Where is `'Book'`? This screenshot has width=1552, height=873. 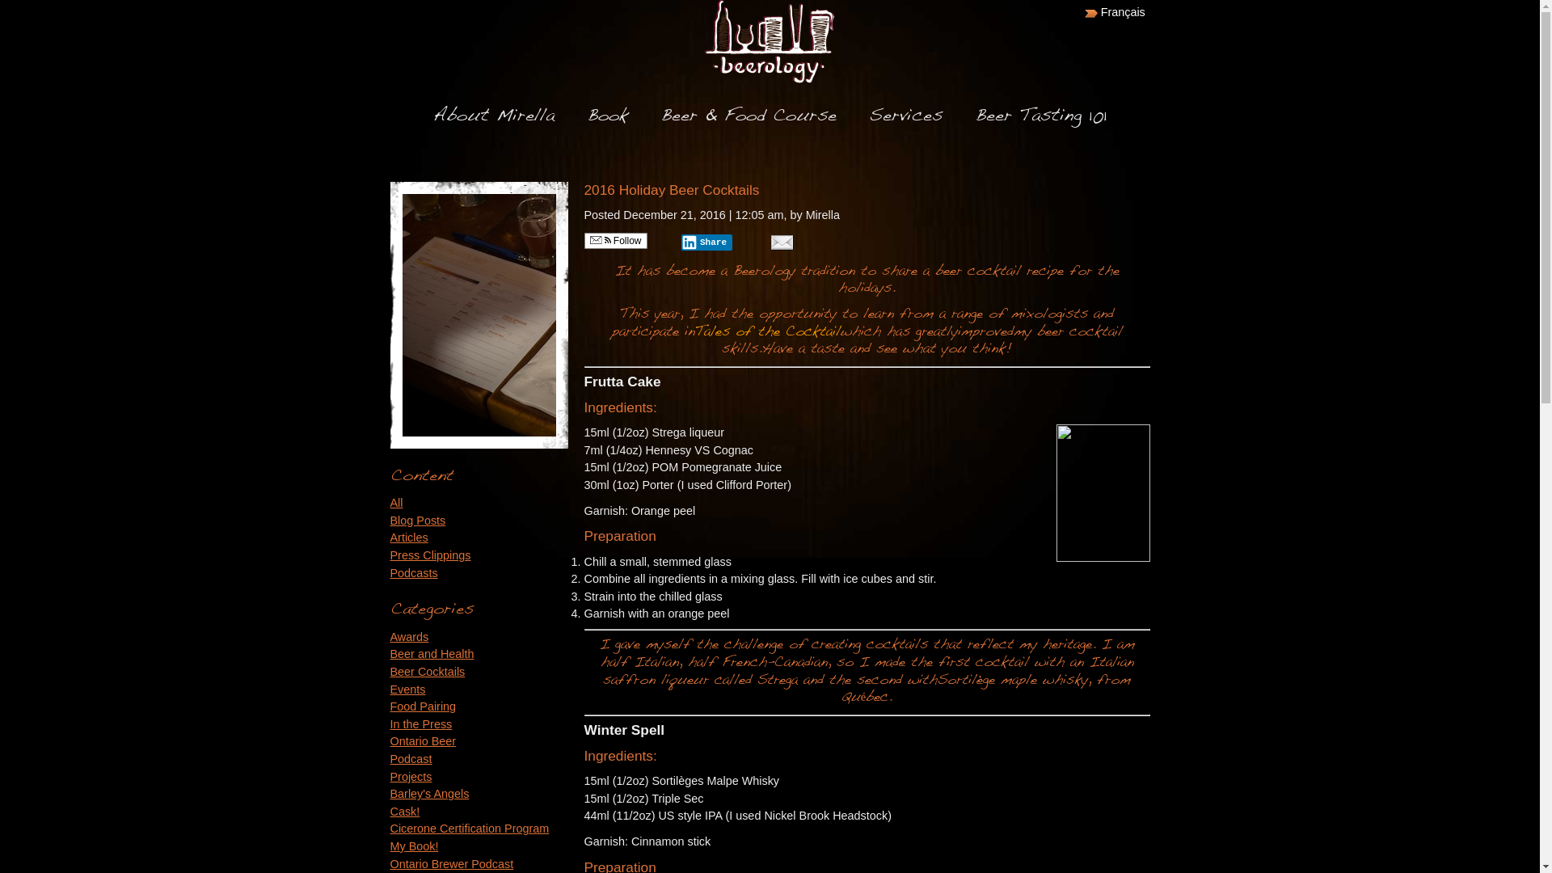 'Book' is located at coordinates (606, 115).